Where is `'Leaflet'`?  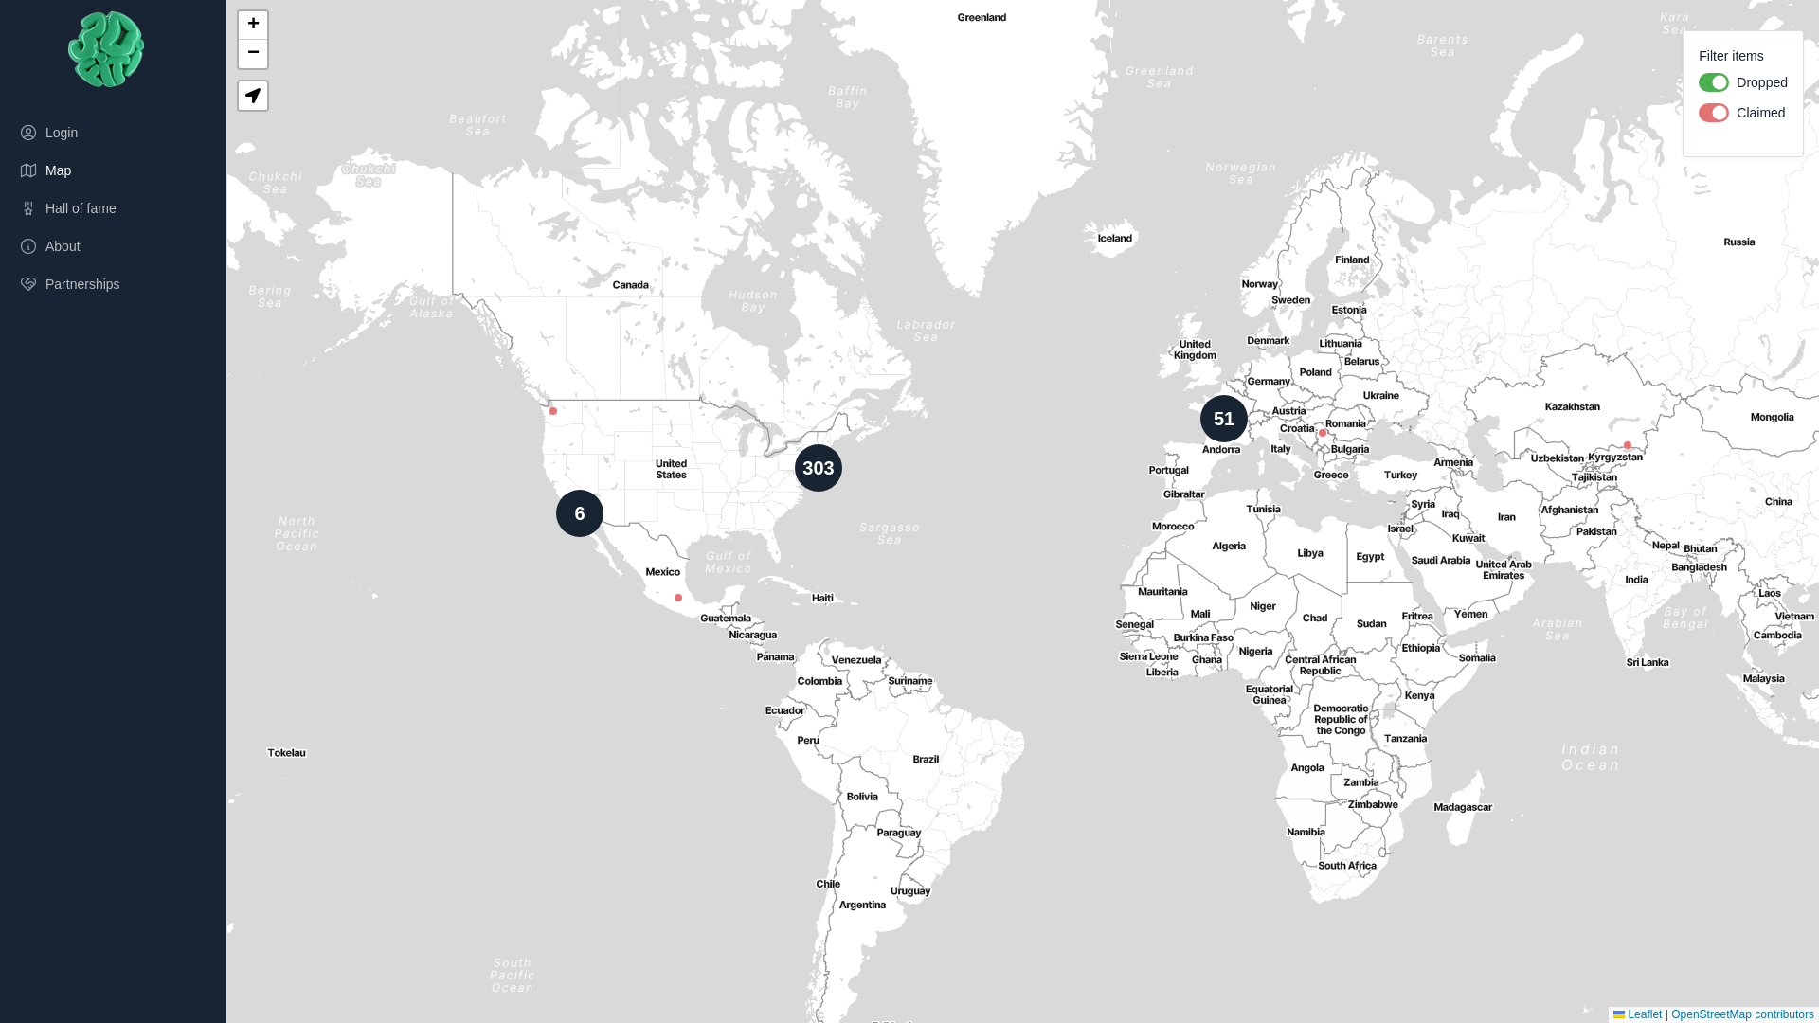 'Leaflet' is located at coordinates (1612, 1014).